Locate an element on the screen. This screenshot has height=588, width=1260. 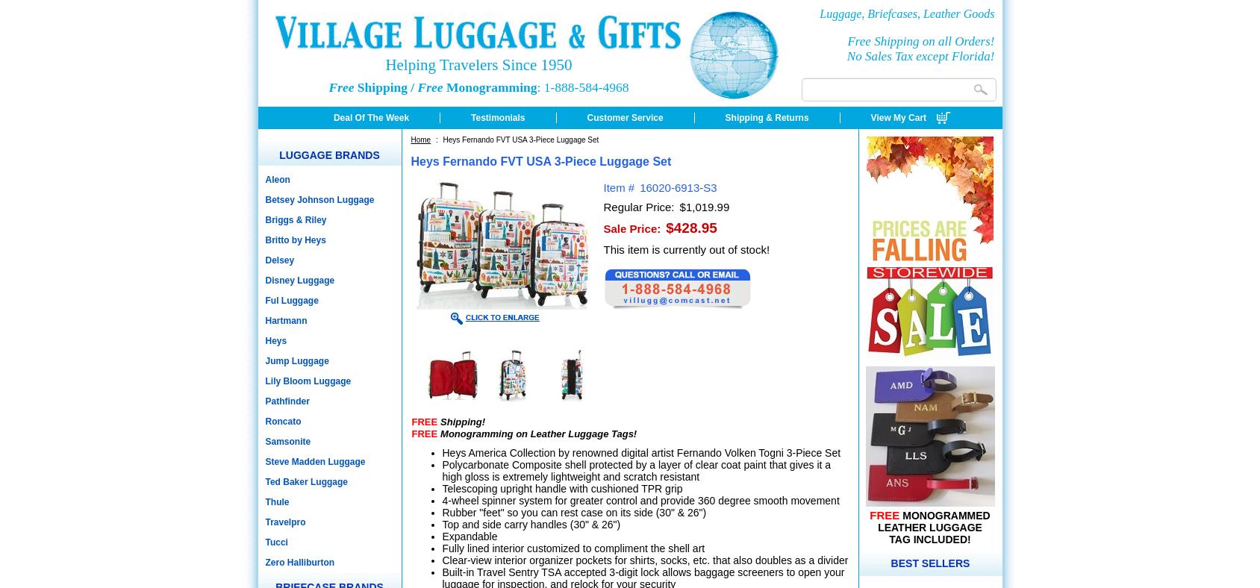
'Aleon' is located at coordinates (277, 178).